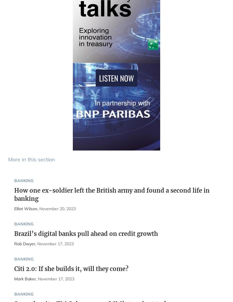 The width and height of the screenshot is (233, 302). I want to click on 'Elliot Wilson', so click(25, 208).